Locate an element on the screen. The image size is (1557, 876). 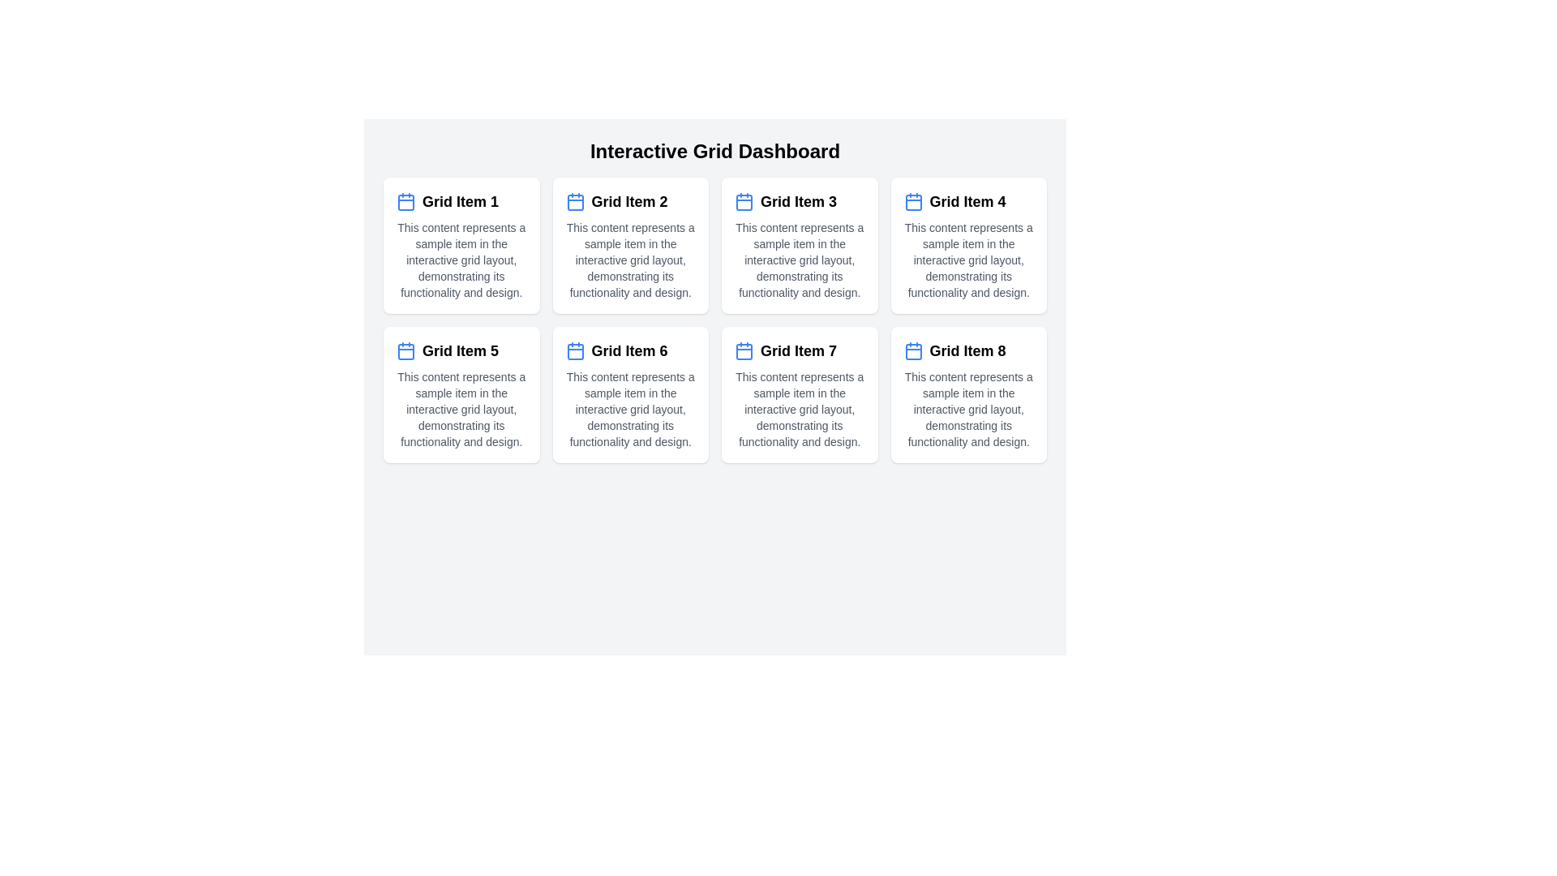
the decorative icon representing 'Grid Item 6', which suggests a calendar or date-related context is located at coordinates (575, 350).